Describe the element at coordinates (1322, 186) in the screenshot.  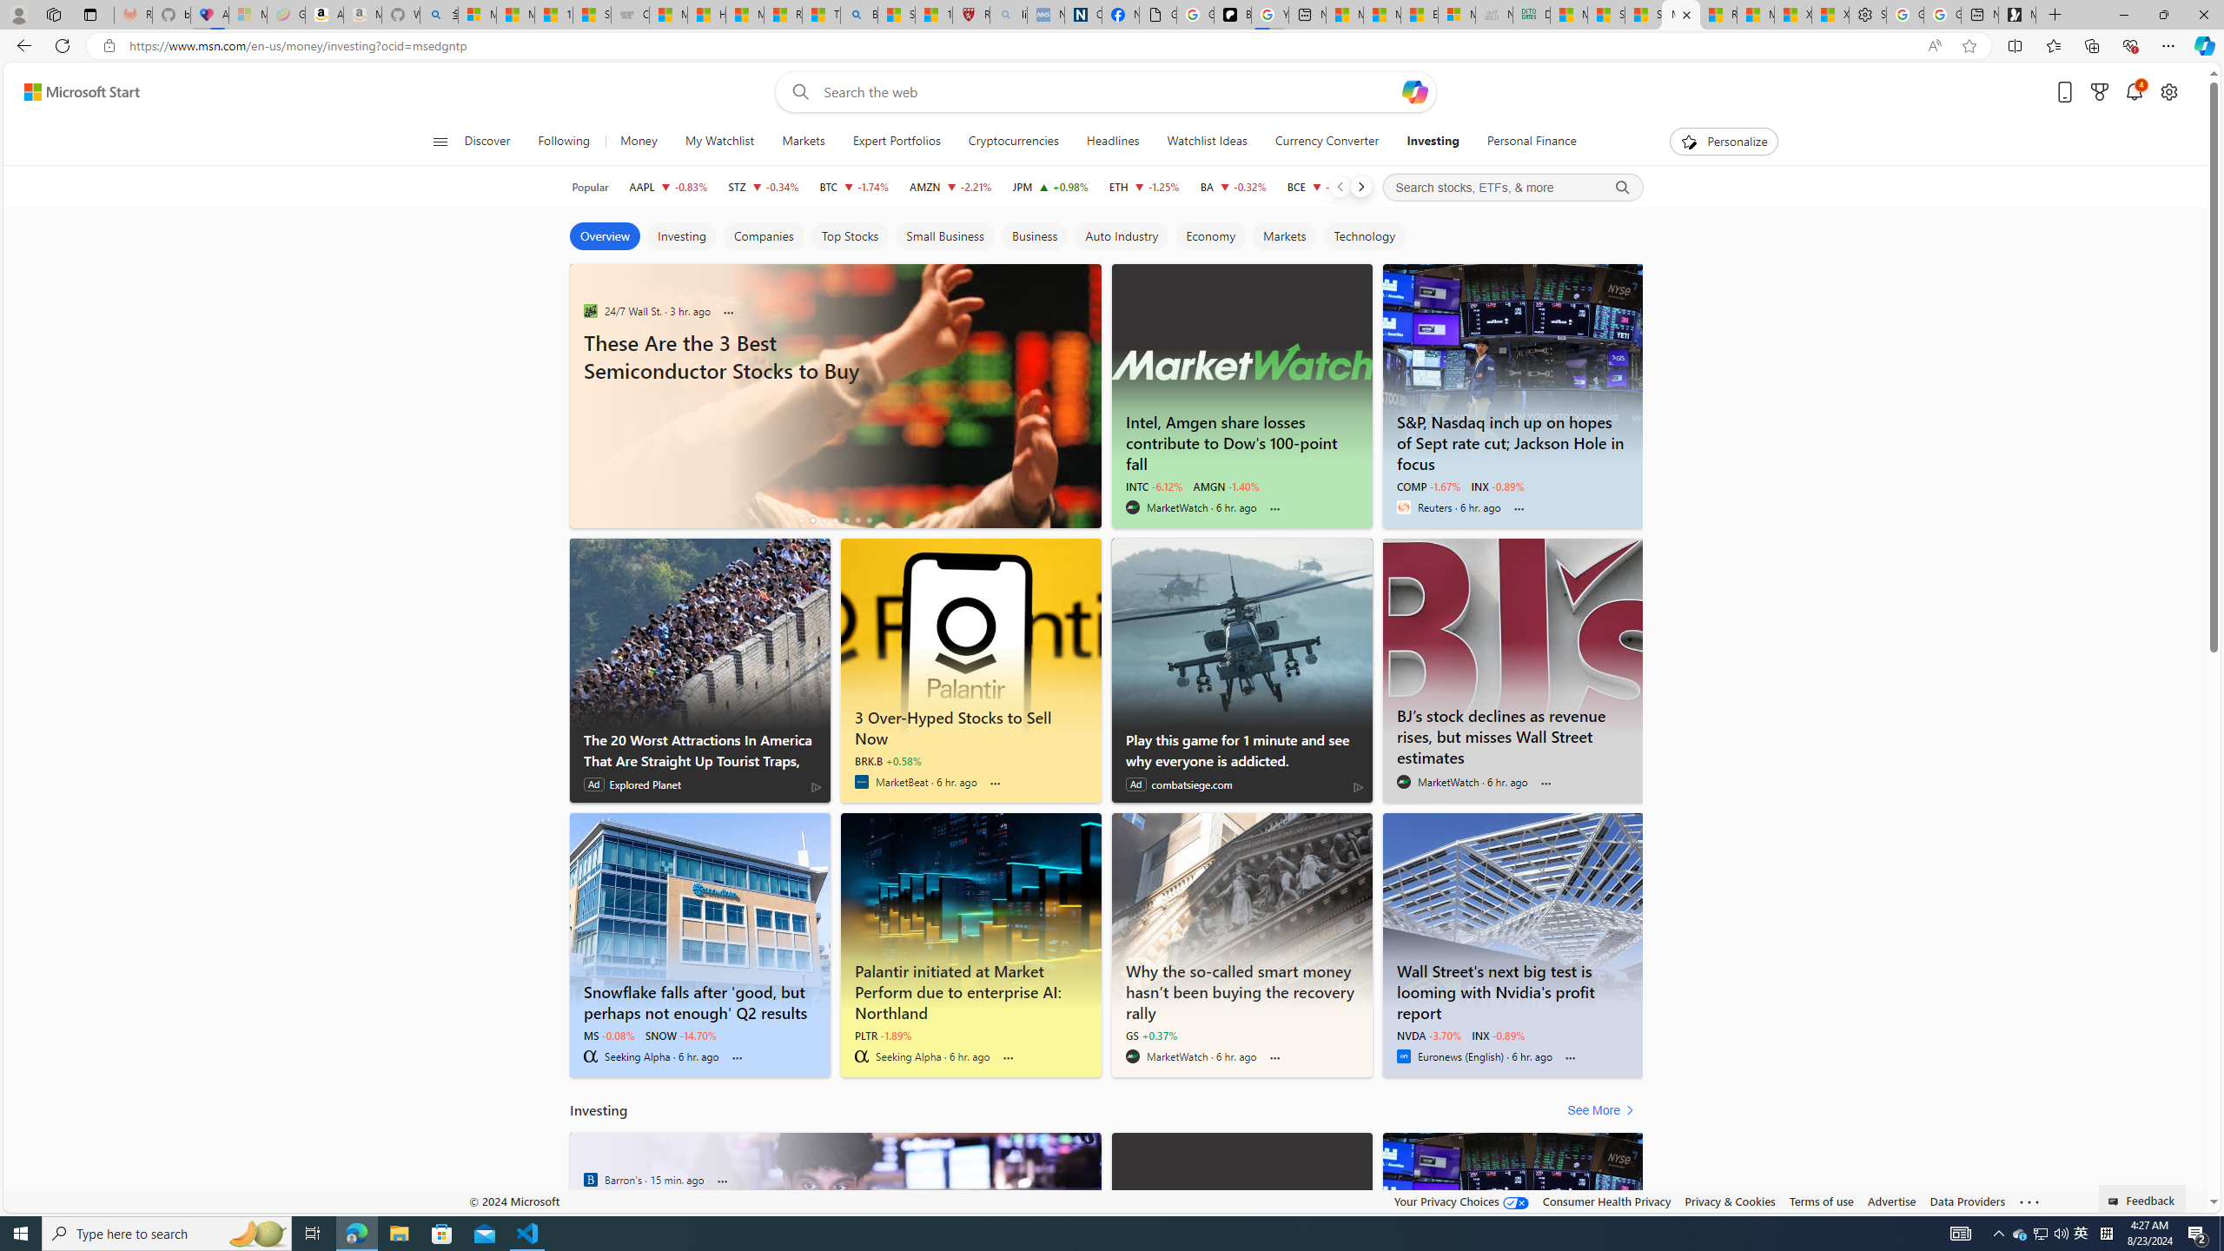
I see `'BCE BCE Inc decrease 34.55 -0.07 -0.20%'` at that location.